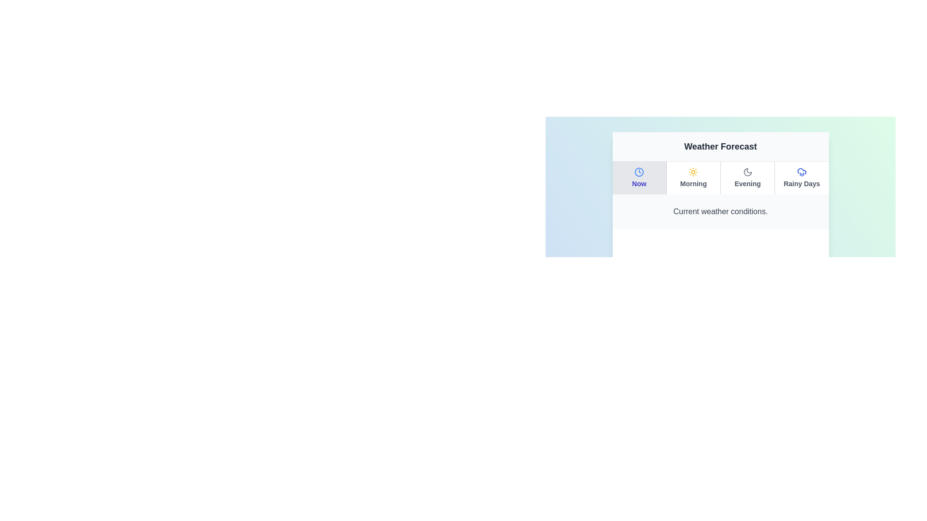  What do you see at coordinates (801, 178) in the screenshot?
I see `the 'Rainy Days' button, which is the fourth button in a horizontal set` at bounding box center [801, 178].